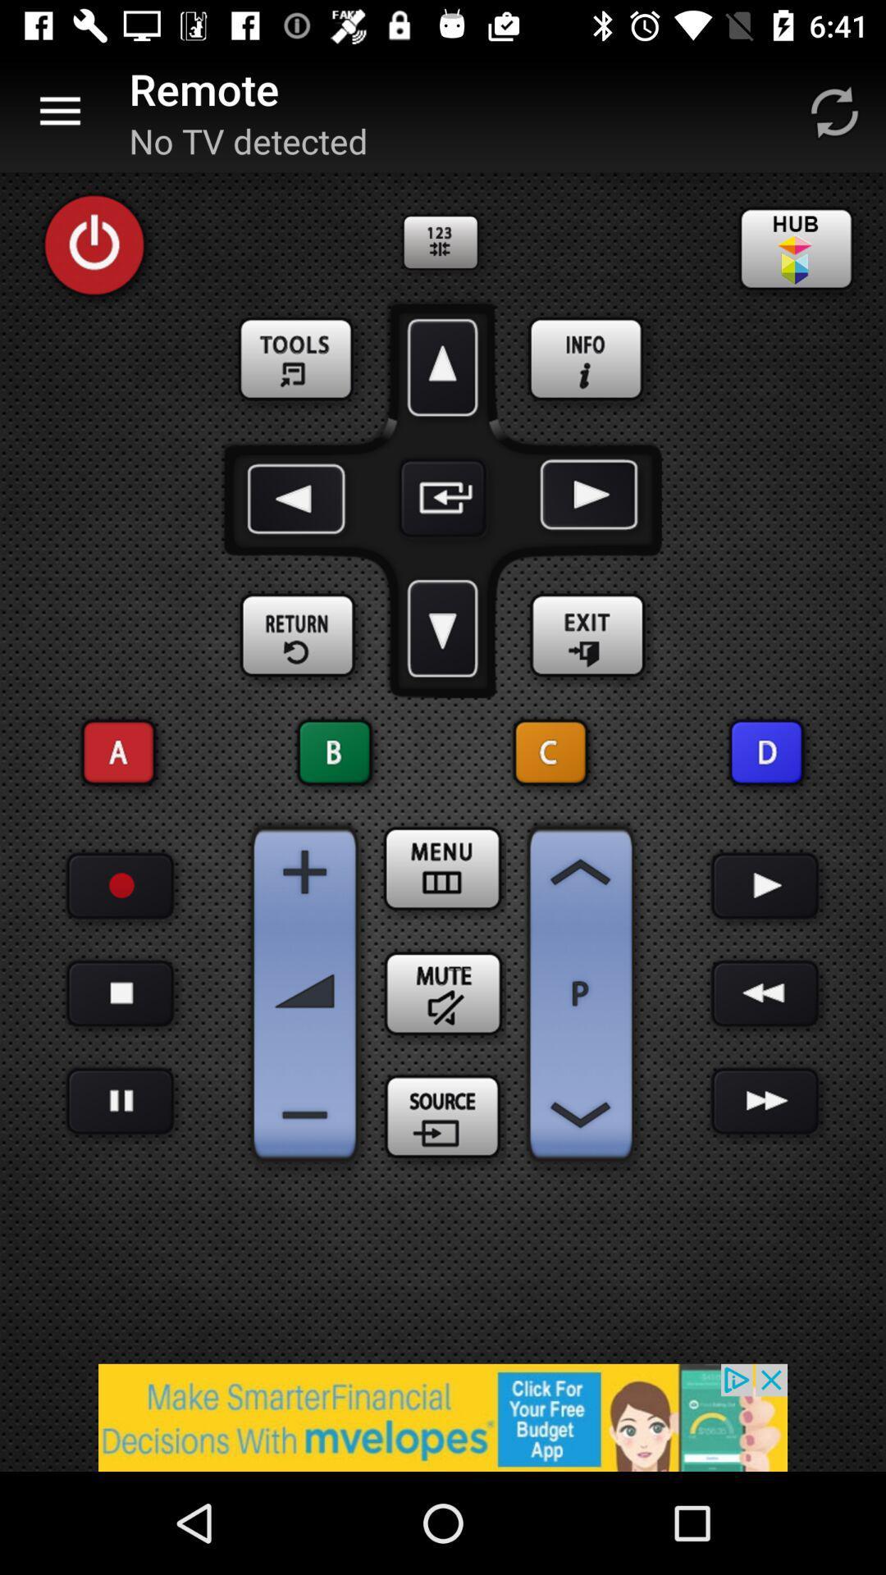 This screenshot has height=1575, width=886. I want to click on move forward, so click(443, 367).